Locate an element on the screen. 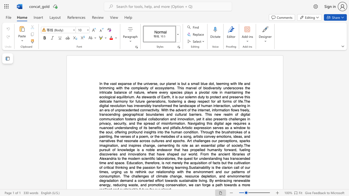 The width and height of the screenshot is (349, 196). the 18th character "i" in the text is located at coordinates (159, 114).